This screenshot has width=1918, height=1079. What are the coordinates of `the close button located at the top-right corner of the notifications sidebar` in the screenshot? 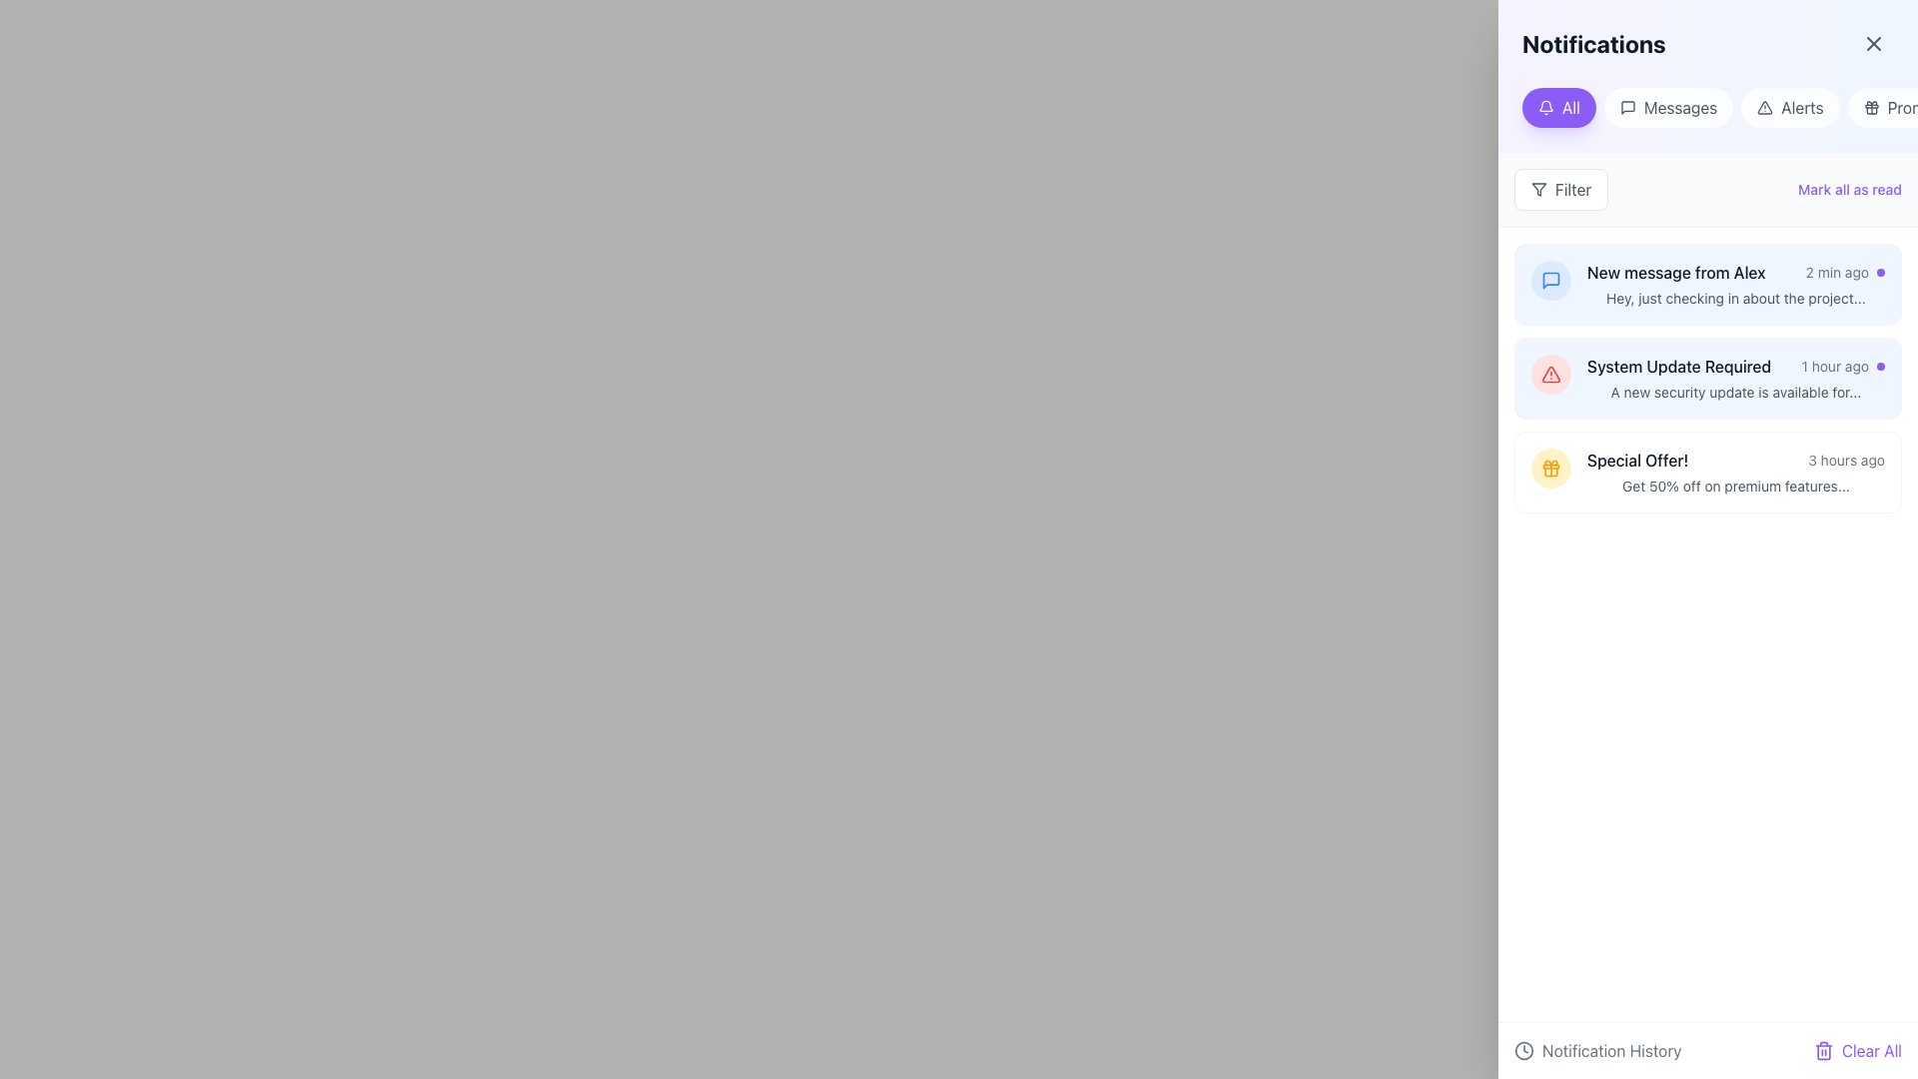 It's located at (1873, 43).